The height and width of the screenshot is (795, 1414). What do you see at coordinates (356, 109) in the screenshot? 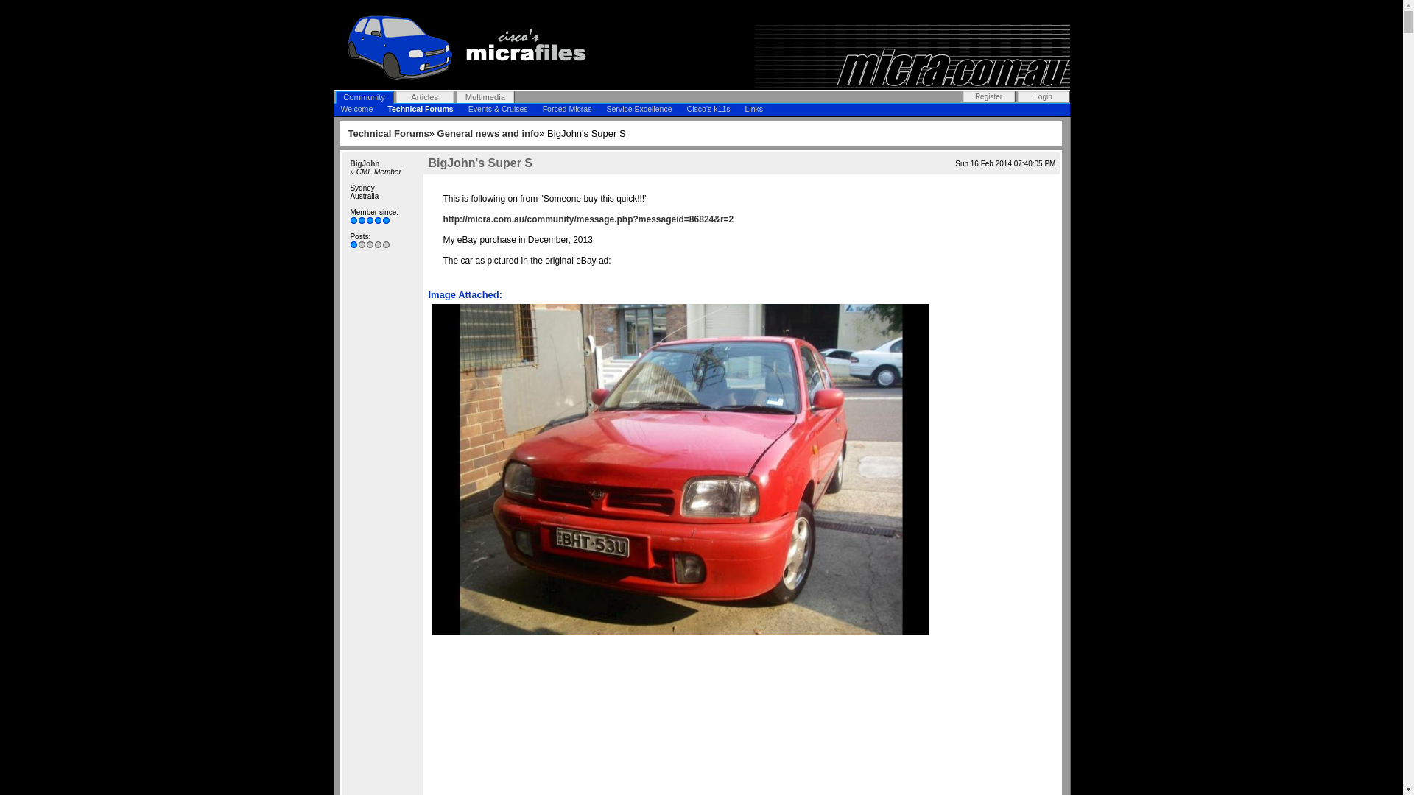
I see `'Welcome'` at bounding box center [356, 109].